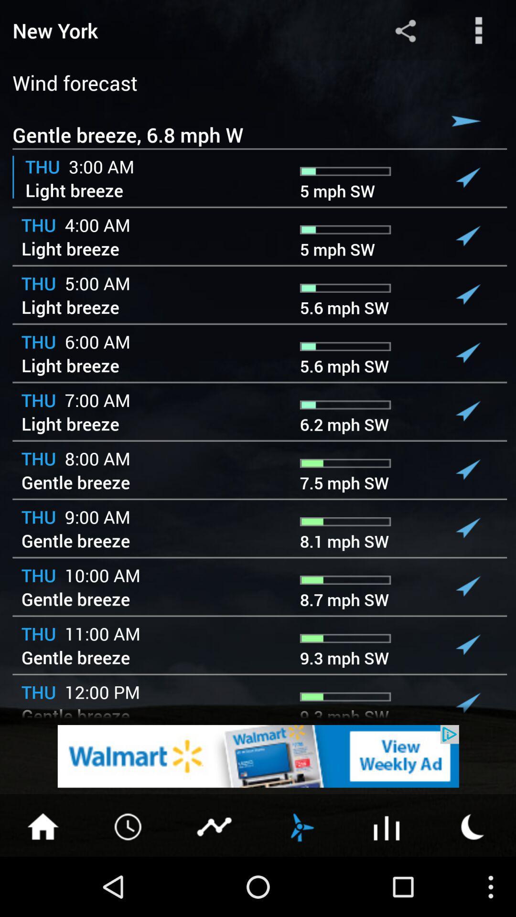 This screenshot has width=516, height=917. Describe the element at coordinates (42, 825) in the screenshot. I see `home` at that location.